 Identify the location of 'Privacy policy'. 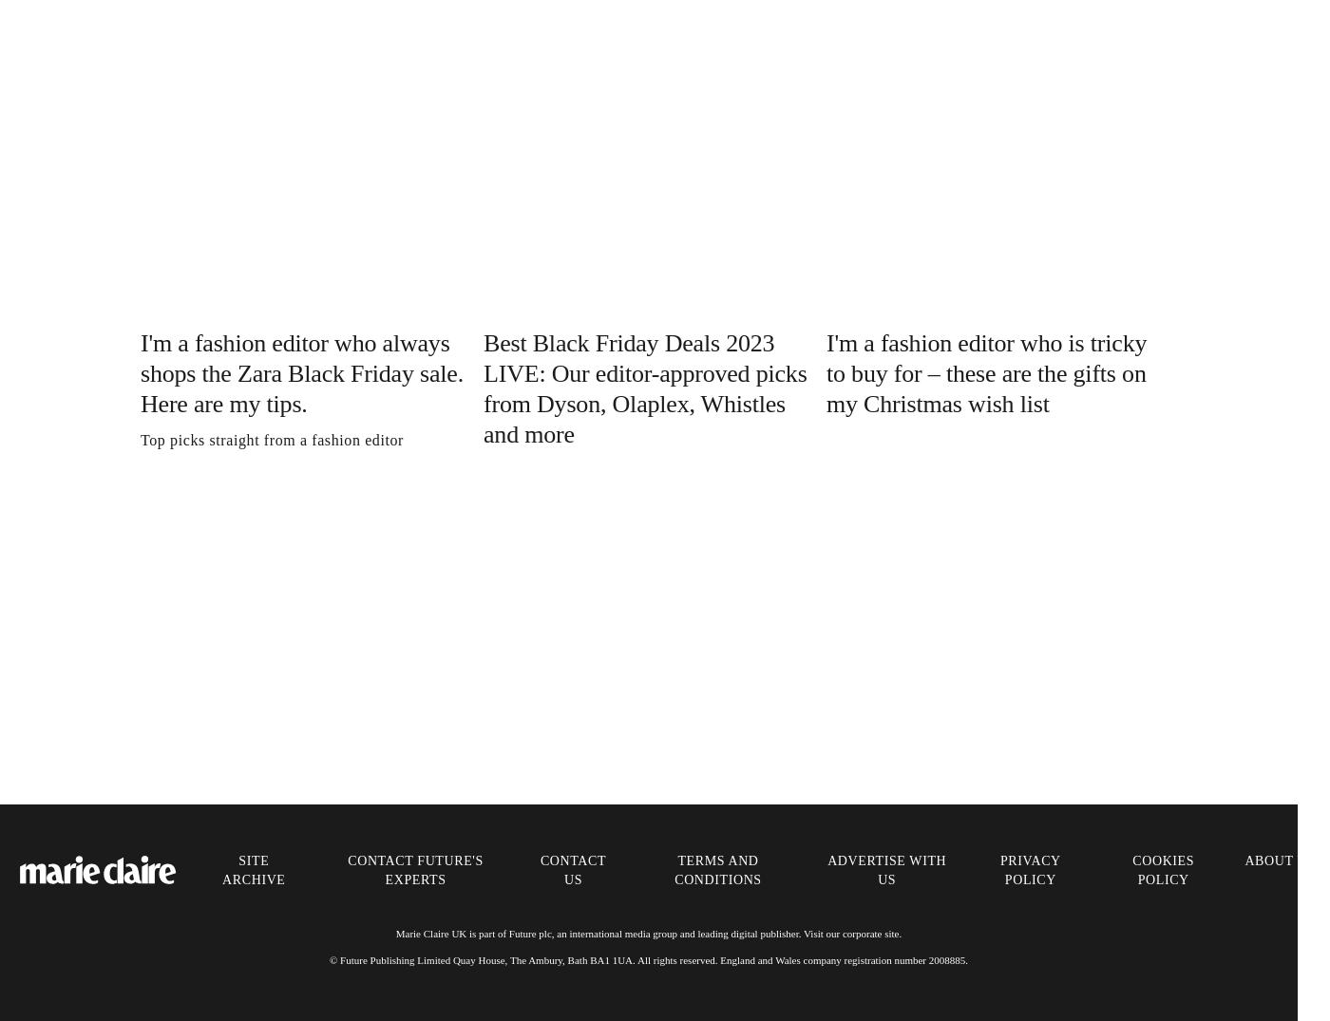
(1030, 868).